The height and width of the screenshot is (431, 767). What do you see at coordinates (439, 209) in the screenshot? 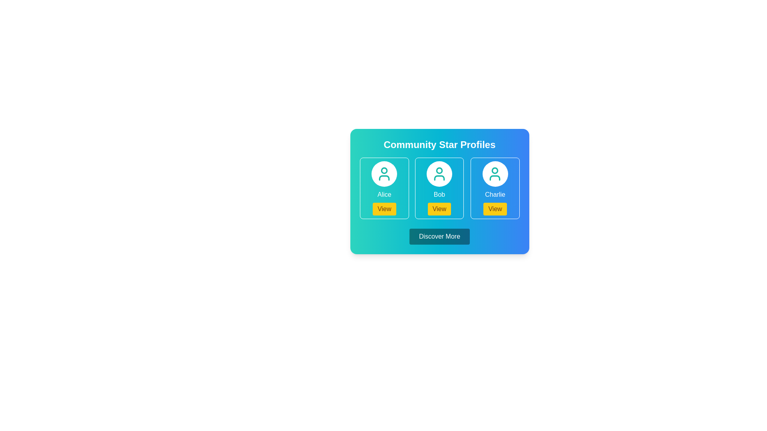
I see `the button beneath the text label 'Bob'` at bounding box center [439, 209].